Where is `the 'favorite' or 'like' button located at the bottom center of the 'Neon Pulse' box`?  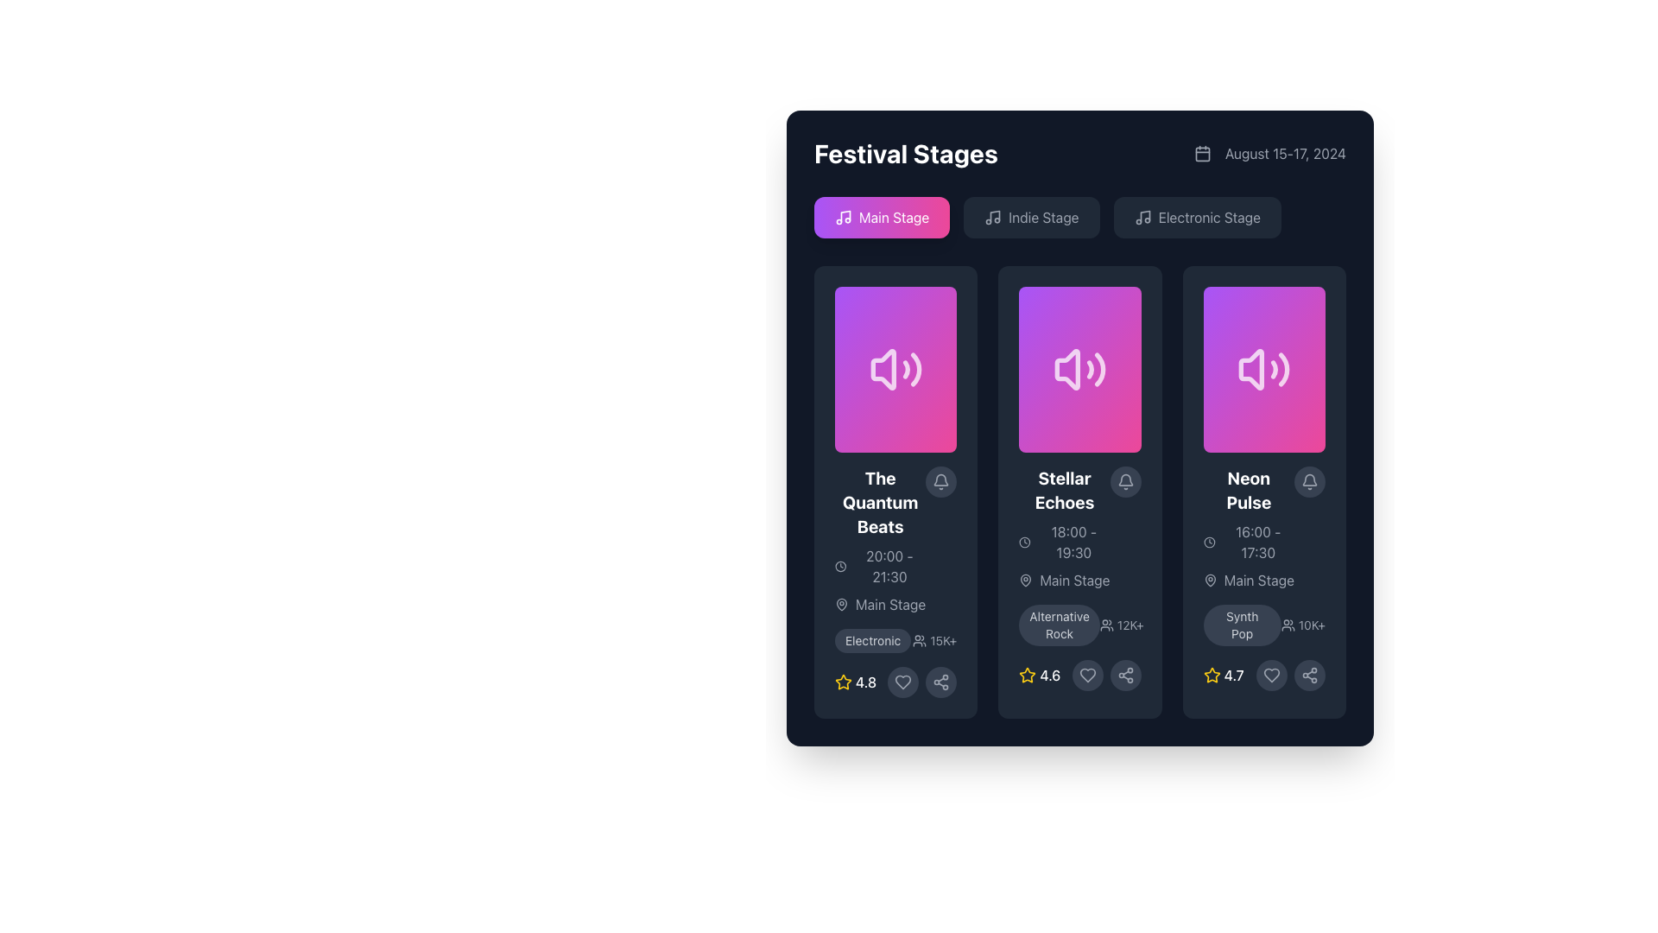
the 'favorite' or 'like' button located at the bottom center of the 'Neon Pulse' box is located at coordinates (1272, 675).